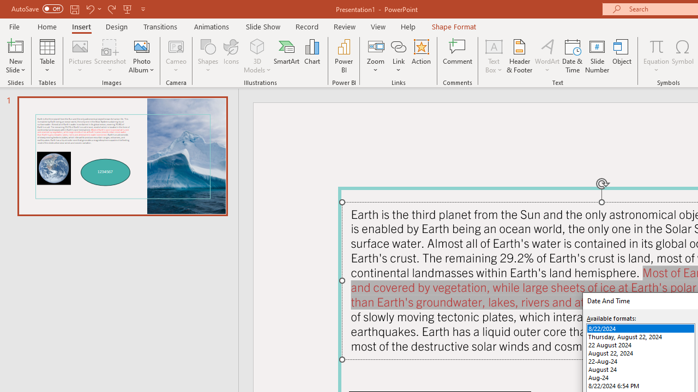 The height and width of the screenshot is (392, 698). I want to click on 'August 24', so click(641, 369).